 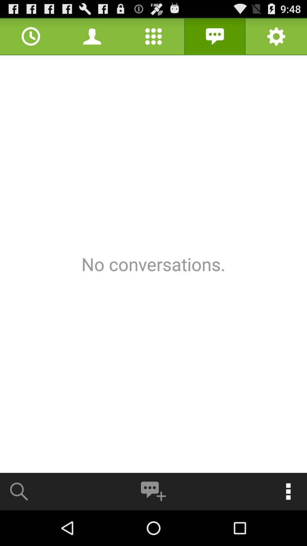 I want to click on the chat icon, so click(x=153, y=526).